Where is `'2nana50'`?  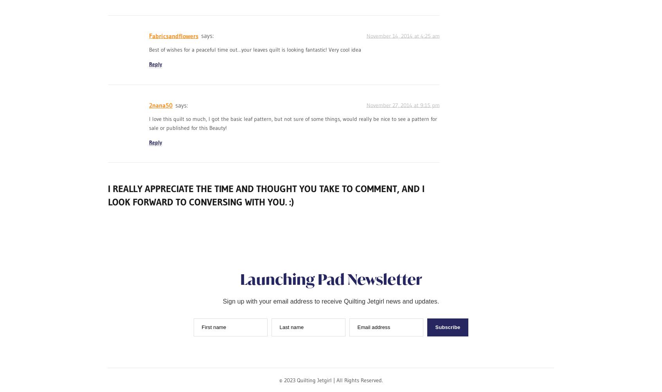 '2nana50' is located at coordinates (160, 104).